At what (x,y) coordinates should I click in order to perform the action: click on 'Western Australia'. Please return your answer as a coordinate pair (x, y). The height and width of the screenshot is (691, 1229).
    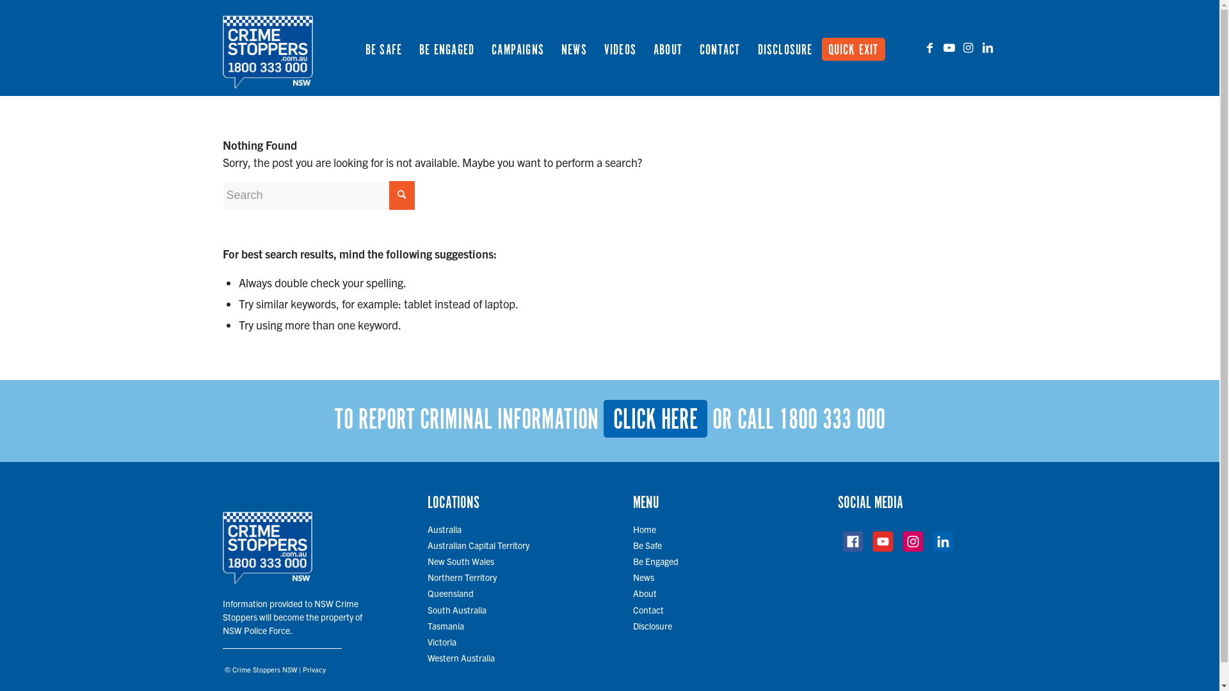
    Looking at the image, I should click on (461, 658).